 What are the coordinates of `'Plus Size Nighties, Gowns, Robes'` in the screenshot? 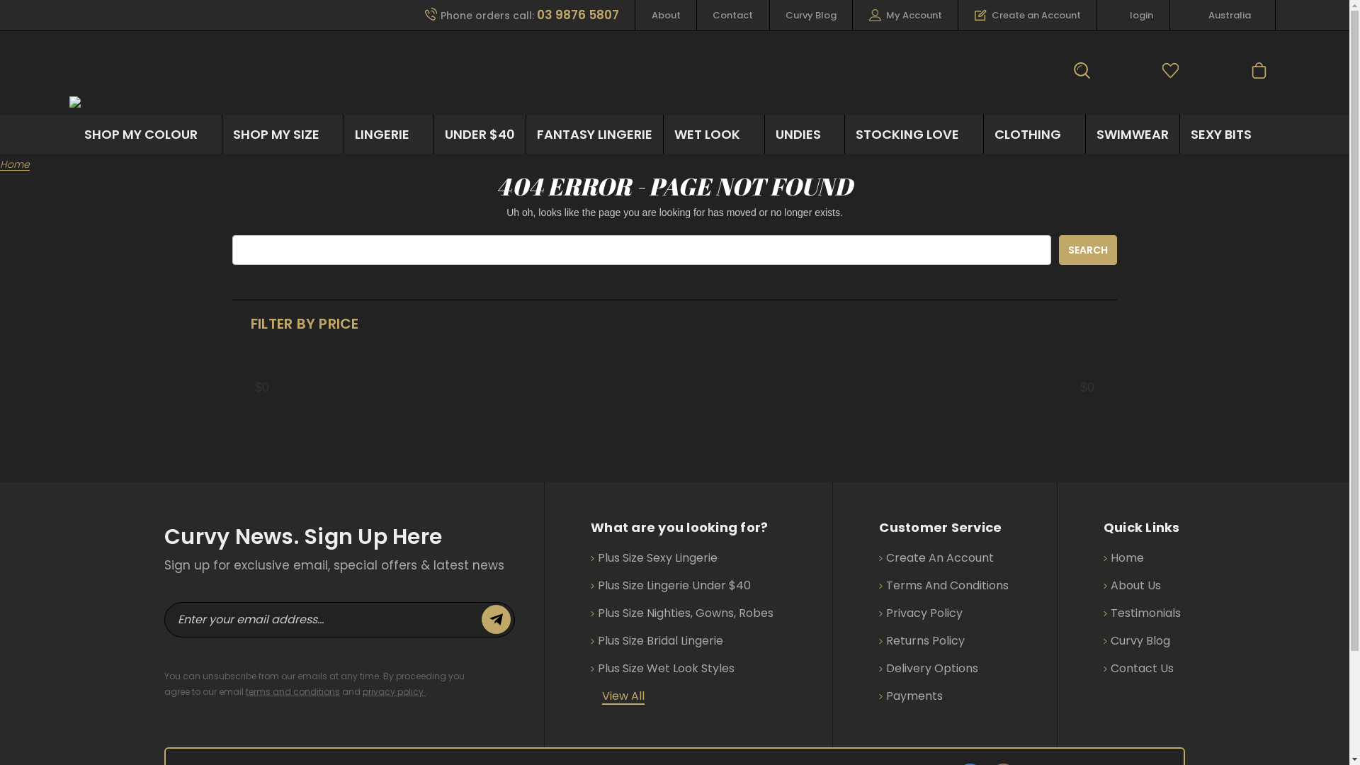 It's located at (682, 613).